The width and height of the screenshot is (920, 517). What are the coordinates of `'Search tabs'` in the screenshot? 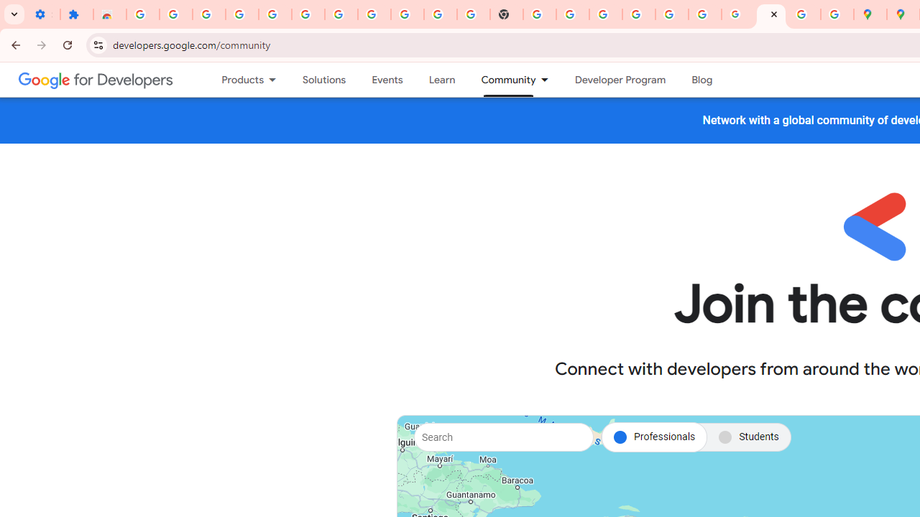 It's located at (14, 14).